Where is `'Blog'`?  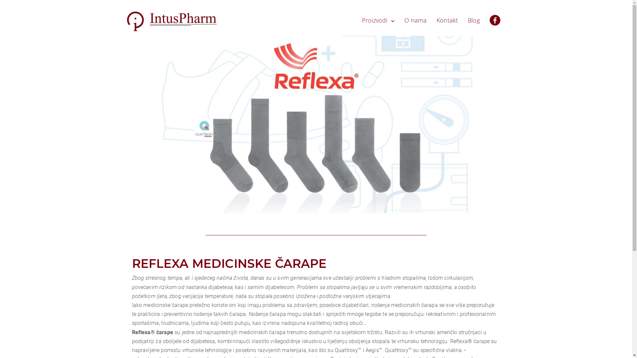 'Blog' is located at coordinates (473, 20).